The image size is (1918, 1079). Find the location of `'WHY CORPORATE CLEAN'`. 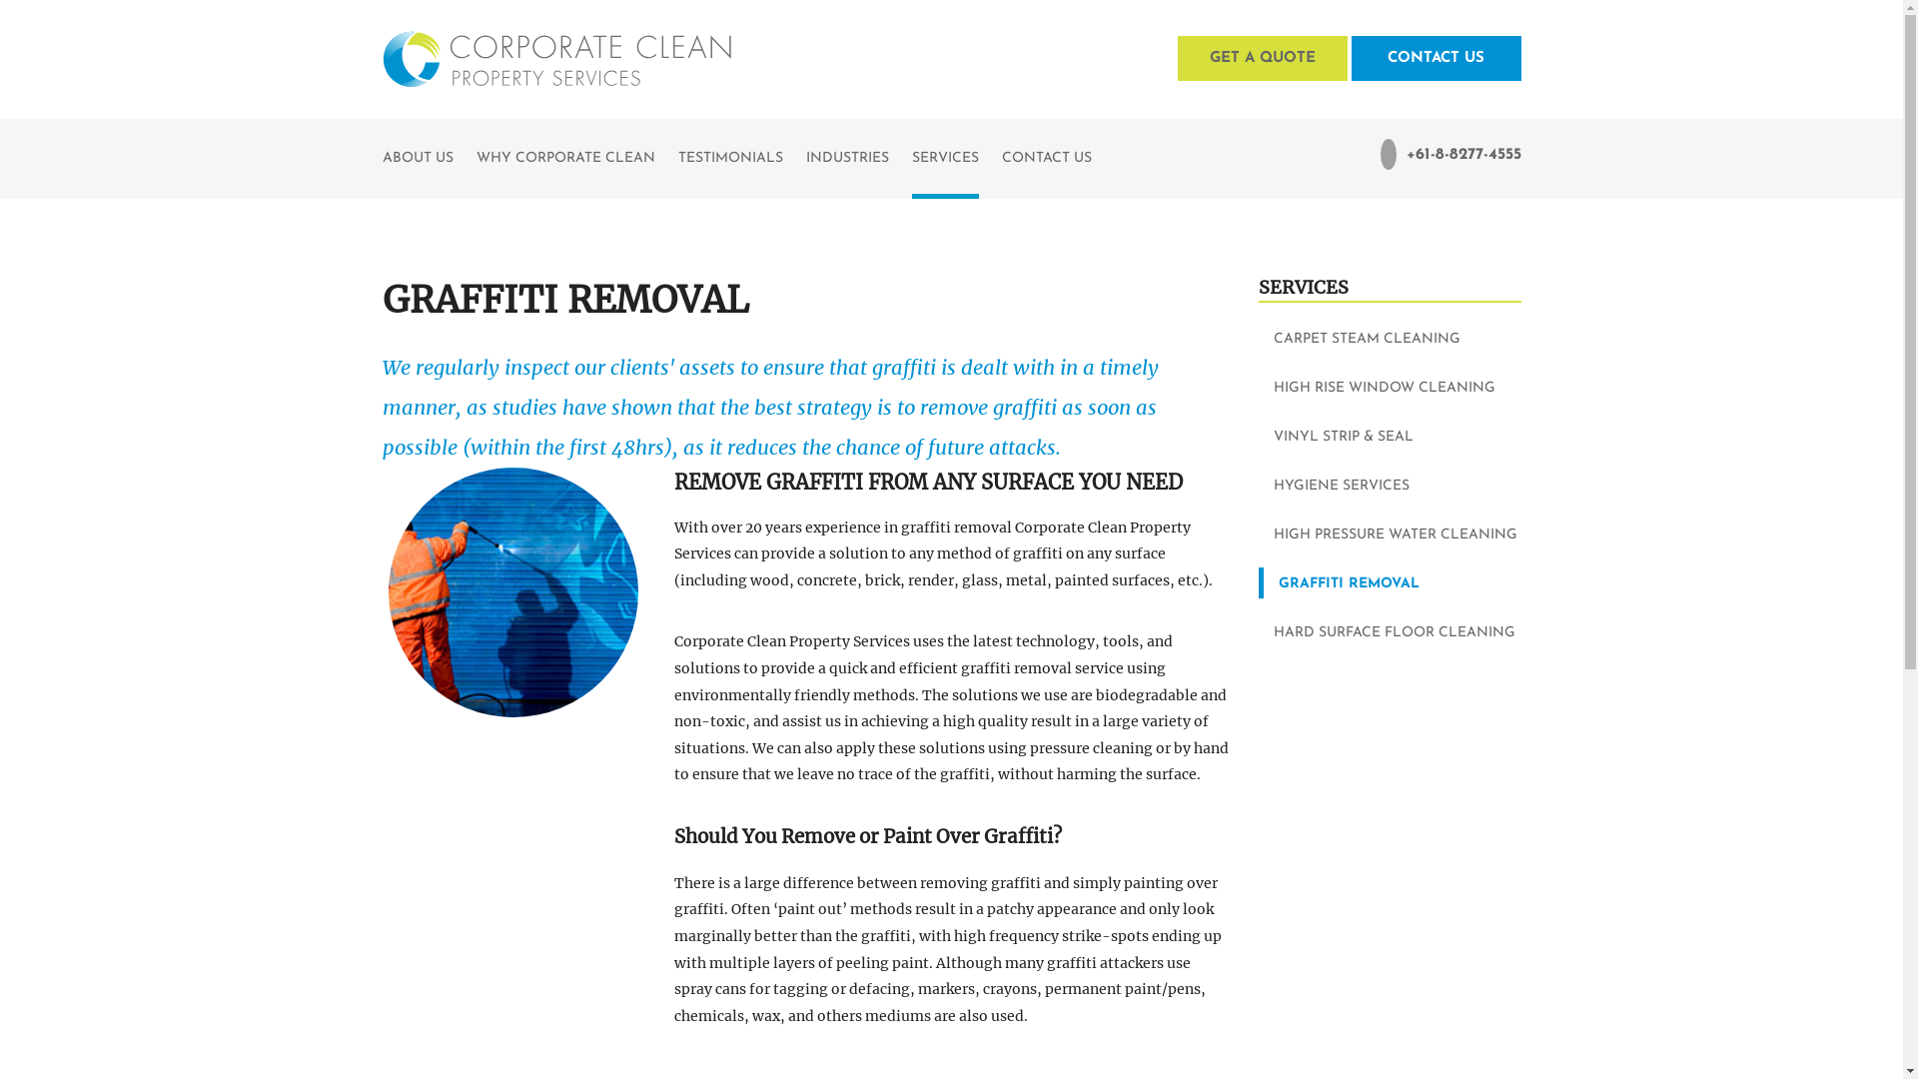

'WHY CORPORATE CLEAN' is located at coordinates (563, 157).